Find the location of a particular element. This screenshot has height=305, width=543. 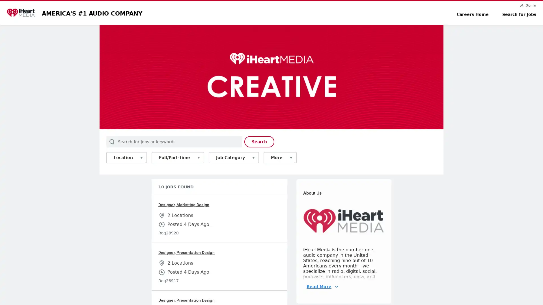

More is located at coordinates (265, 158).